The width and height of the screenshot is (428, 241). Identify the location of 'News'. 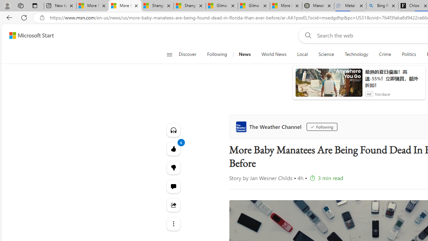
(244, 54).